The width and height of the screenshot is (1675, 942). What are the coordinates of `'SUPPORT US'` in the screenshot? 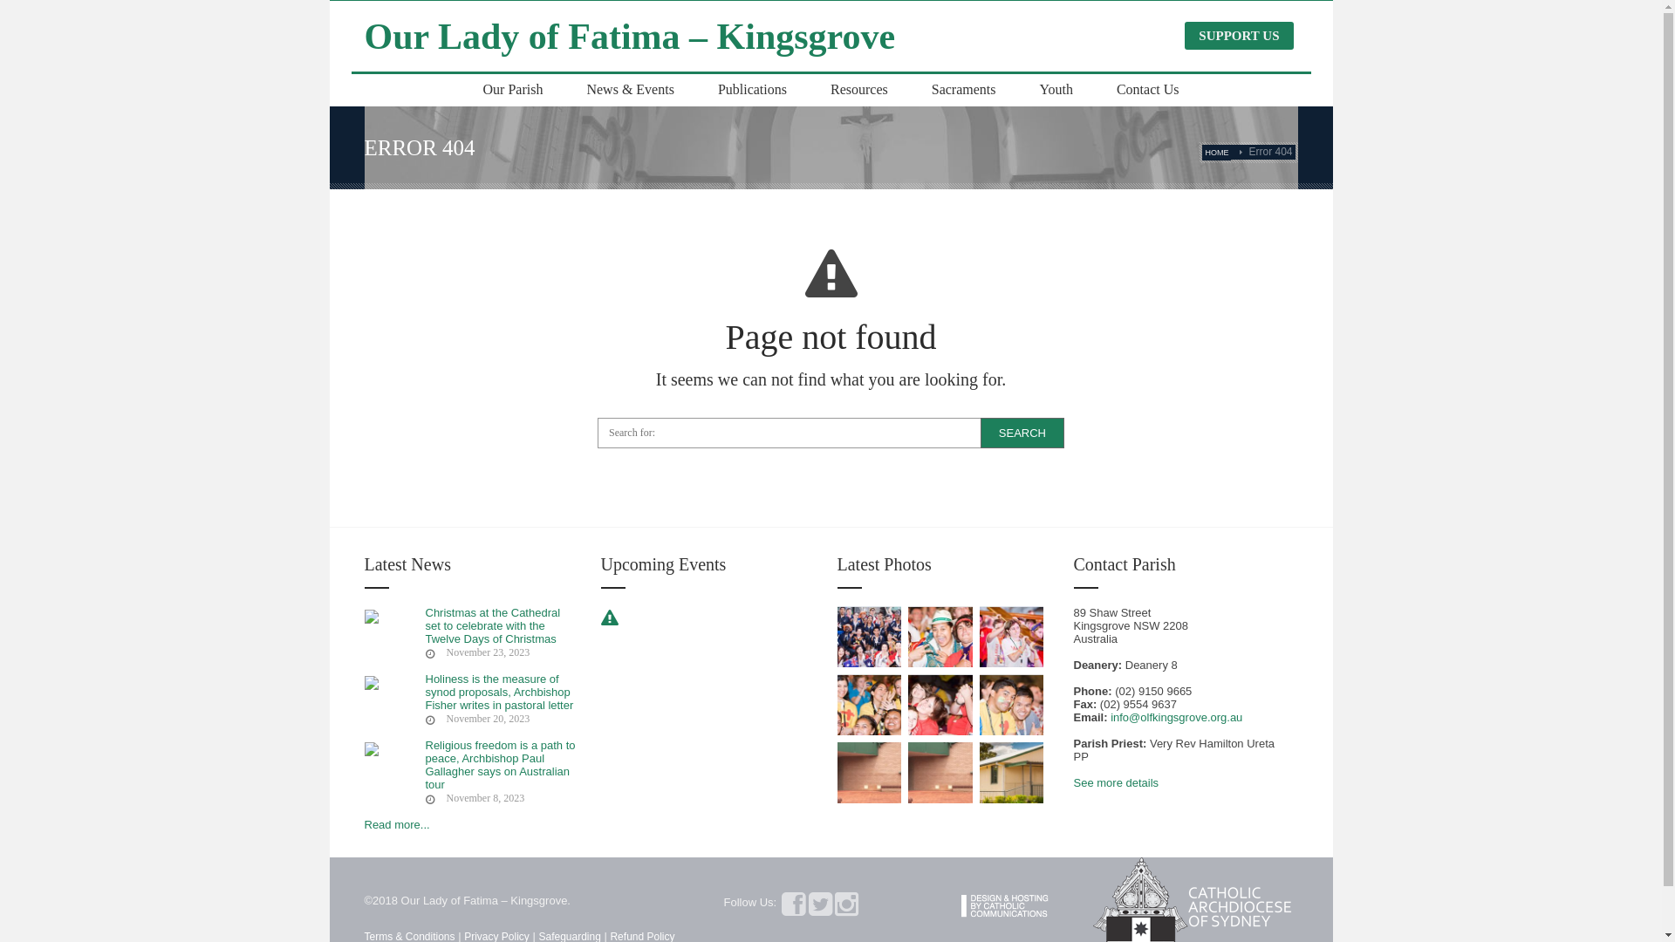 It's located at (1185, 36).